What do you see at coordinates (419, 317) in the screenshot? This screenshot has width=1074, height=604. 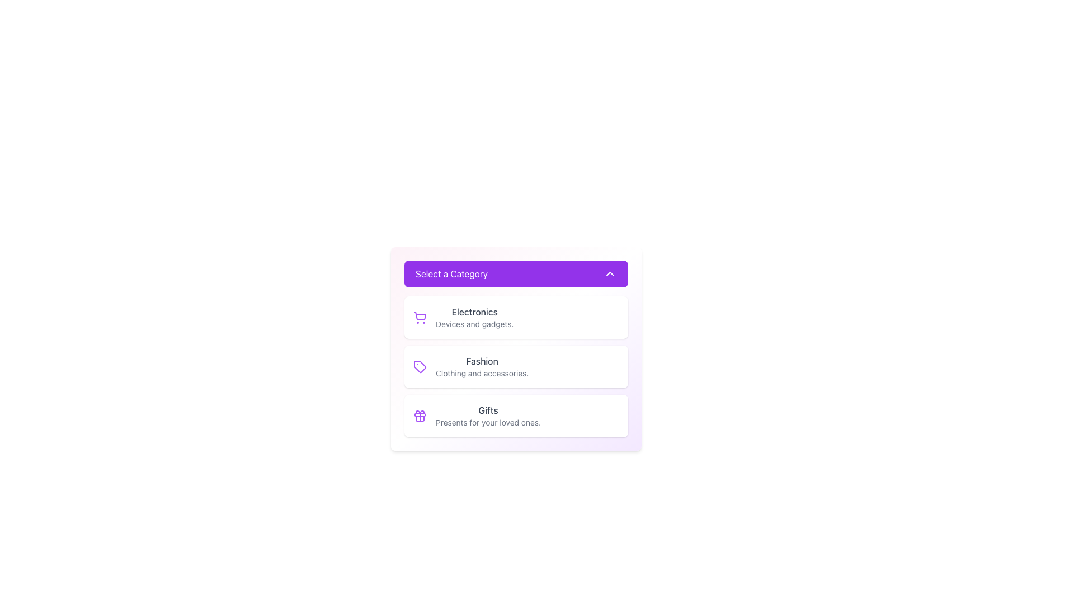 I see `the purple shopping cart icon located to the left of the text 'Electronics' in the categories list` at bounding box center [419, 317].